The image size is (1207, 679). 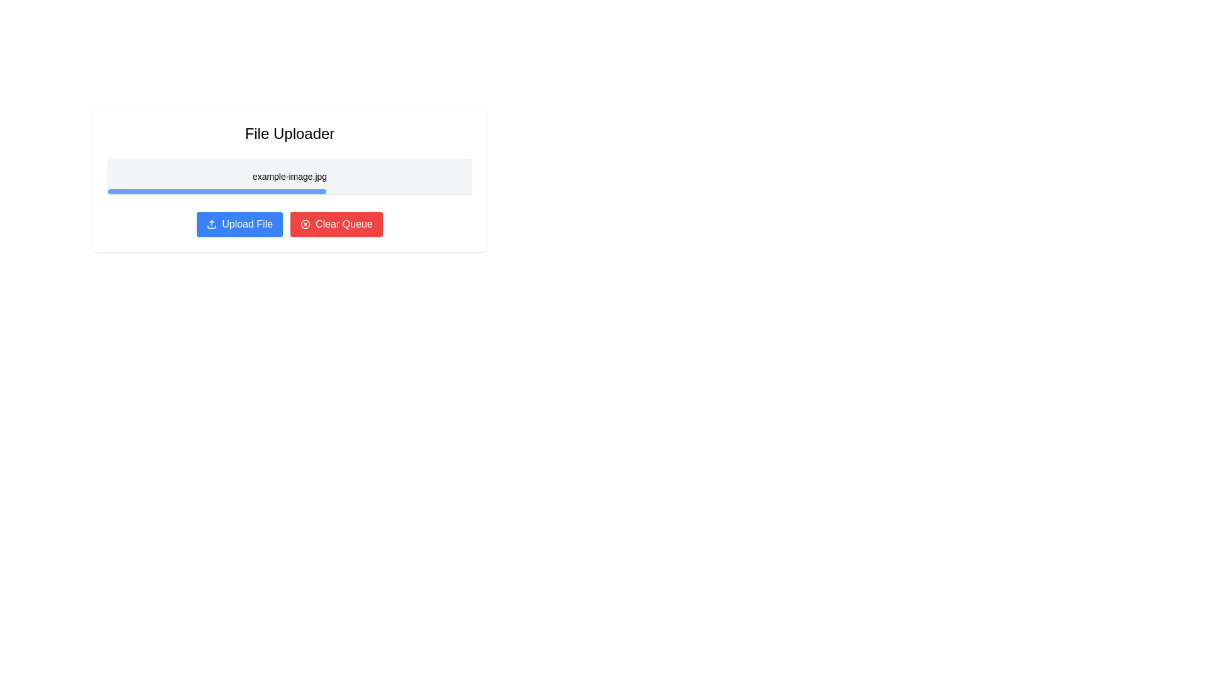 What do you see at coordinates (289, 177) in the screenshot?
I see `text label 'example-image.jpg' within the file uploader component, which is located below the title 'File Uploader' and above the action buttons` at bounding box center [289, 177].